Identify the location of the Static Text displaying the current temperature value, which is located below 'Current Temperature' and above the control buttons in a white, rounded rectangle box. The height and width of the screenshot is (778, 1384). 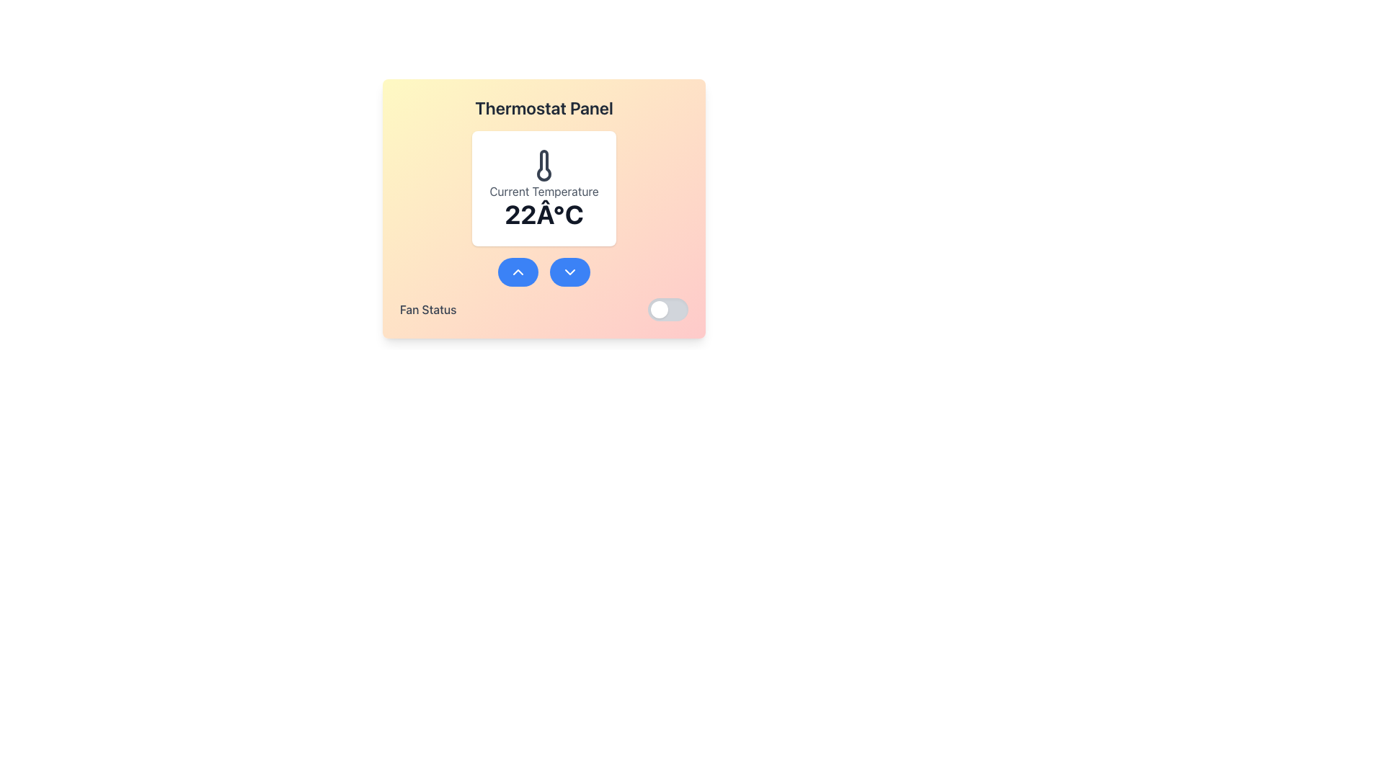
(543, 214).